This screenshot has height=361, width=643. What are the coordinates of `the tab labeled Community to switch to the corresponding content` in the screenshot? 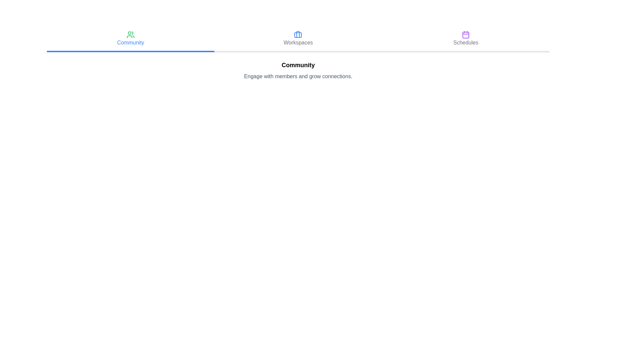 It's located at (131, 39).